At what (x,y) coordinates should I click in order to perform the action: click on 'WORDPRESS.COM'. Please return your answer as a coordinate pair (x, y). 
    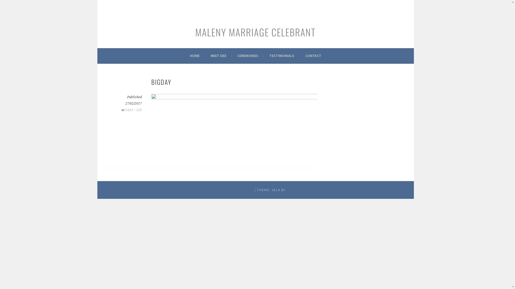
    Looking at the image, I should click on (301, 189).